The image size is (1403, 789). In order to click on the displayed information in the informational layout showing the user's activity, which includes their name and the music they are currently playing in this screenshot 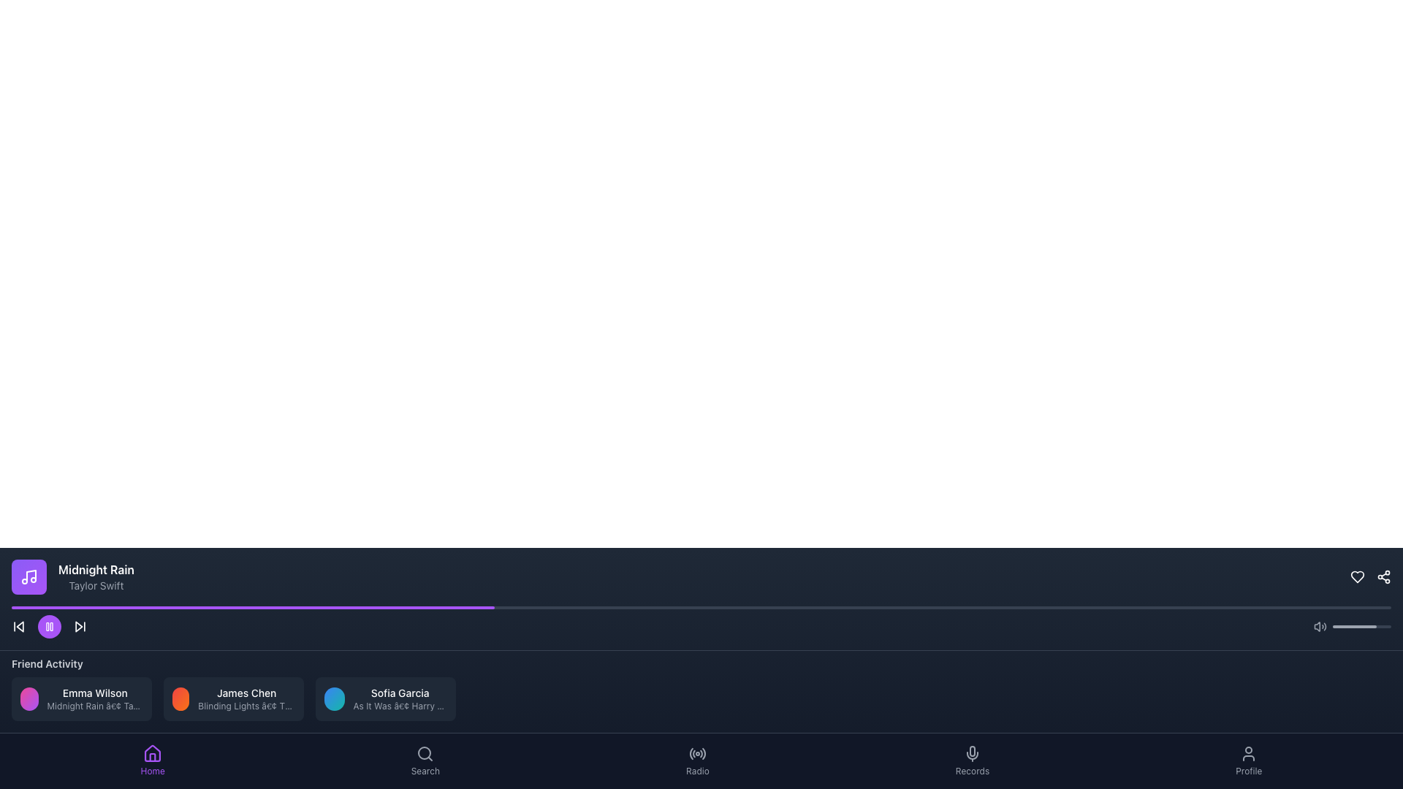, I will do `click(386, 698)`.